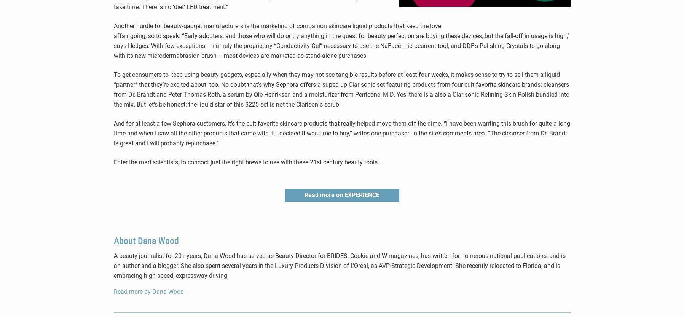 This screenshot has height=317, width=684. What do you see at coordinates (148, 292) in the screenshot?
I see `'Read more by Dana Wood'` at bounding box center [148, 292].